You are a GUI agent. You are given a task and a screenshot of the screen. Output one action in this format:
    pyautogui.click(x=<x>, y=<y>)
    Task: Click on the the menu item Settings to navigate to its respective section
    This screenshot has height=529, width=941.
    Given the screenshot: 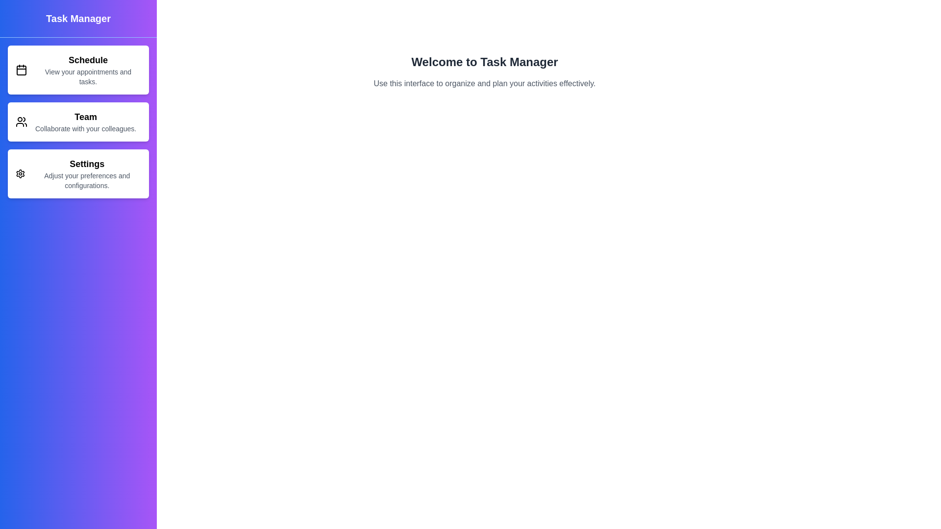 What is the action you would take?
    pyautogui.click(x=77, y=173)
    